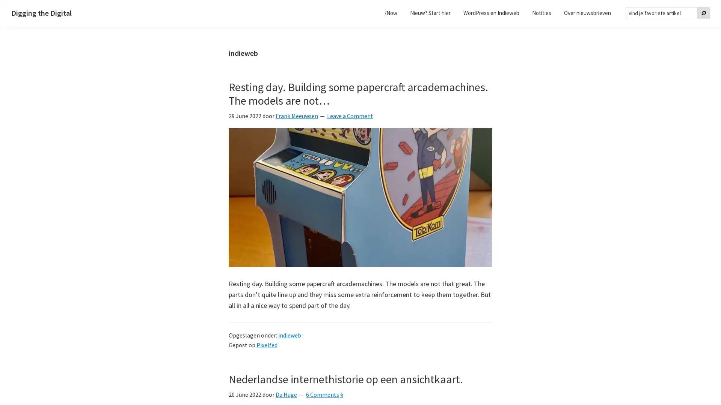  Describe the element at coordinates (703, 13) in the screenshot. I see `Search` at that location.